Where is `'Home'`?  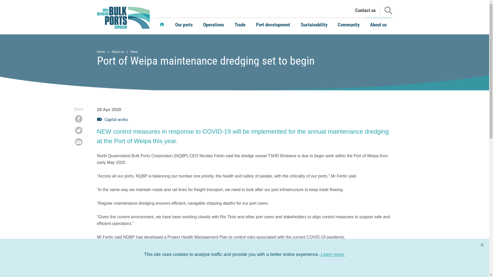
'Home' is located at coordinates (162, 24).